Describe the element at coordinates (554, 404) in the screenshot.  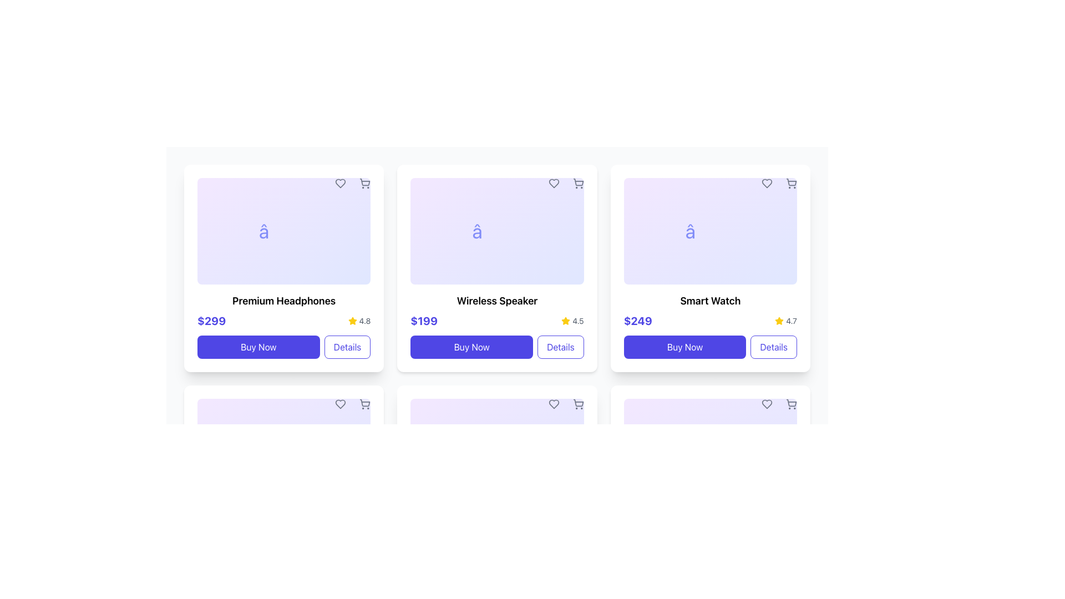
I see `the heart-shaped wishlist icon located in the upper-right corner of the 'Wireless Speaker' card` at that location.